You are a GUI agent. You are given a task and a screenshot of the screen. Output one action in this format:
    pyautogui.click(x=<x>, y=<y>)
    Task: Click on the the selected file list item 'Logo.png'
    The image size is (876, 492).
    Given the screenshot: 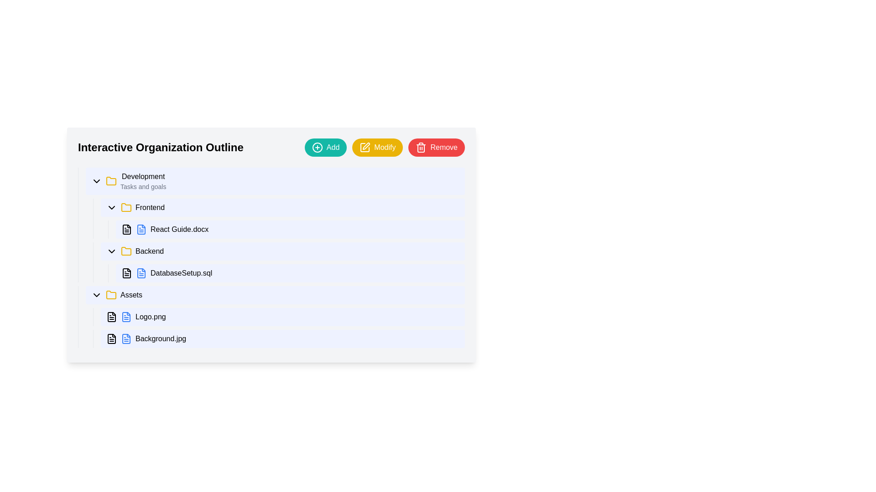 What is the action you would take?
    pyautogui.click(x=278, y=316)
    